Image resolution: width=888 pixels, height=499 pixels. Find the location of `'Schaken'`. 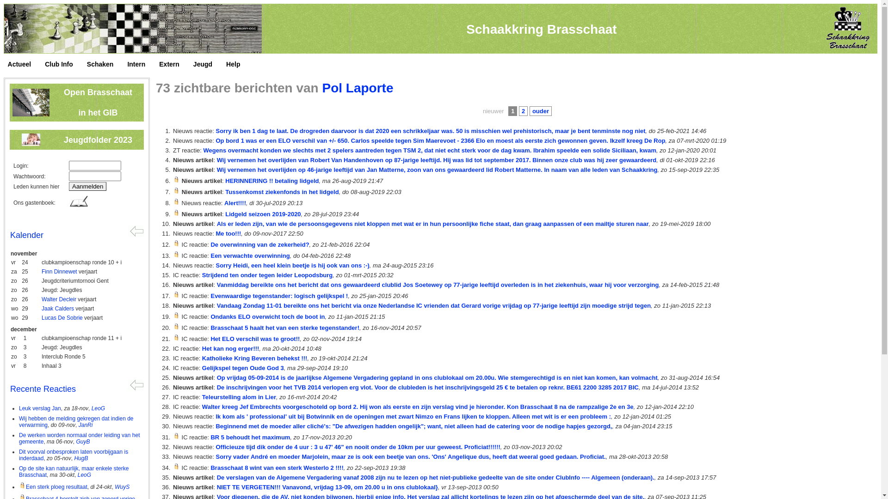

'Schaken' is located at coordinates (105, 64).